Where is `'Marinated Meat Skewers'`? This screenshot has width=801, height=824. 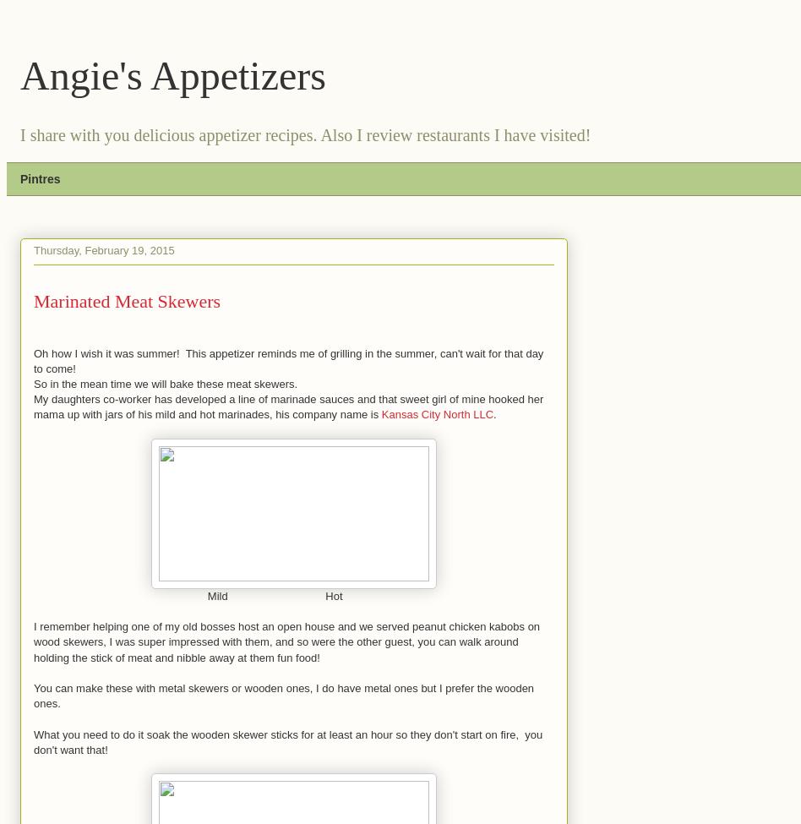 'Marinated Meat Skewers' is located at coordinates (126, 299).